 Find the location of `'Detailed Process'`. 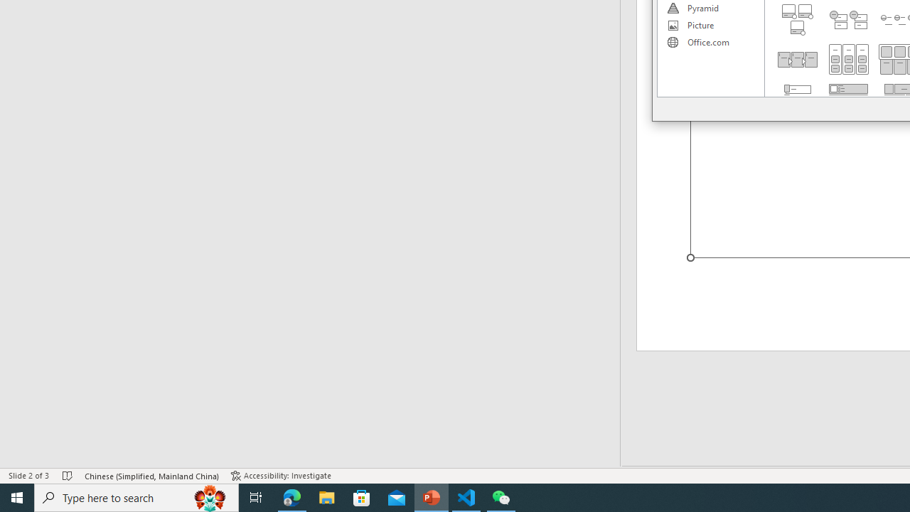

'Detailed Process' is located at coordinates (797, 59).